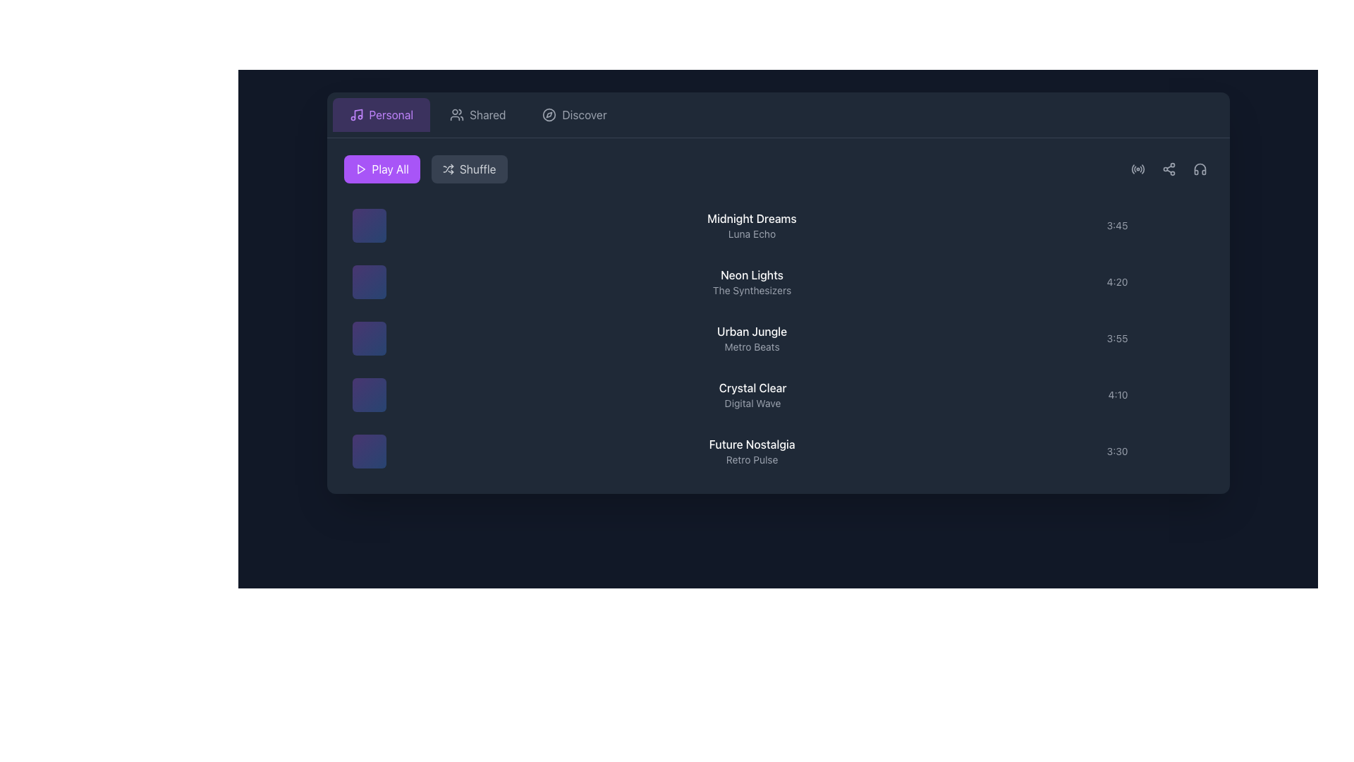  What do you see at coordinates (477, 168) in the screenshot?
I see `the 'Shuffle' text label, which is styled in a modern sans-serif font, white in color, located to the right of the 'Play All' button within a button that includes a shuffle icon` at bounding box center [477, 168].